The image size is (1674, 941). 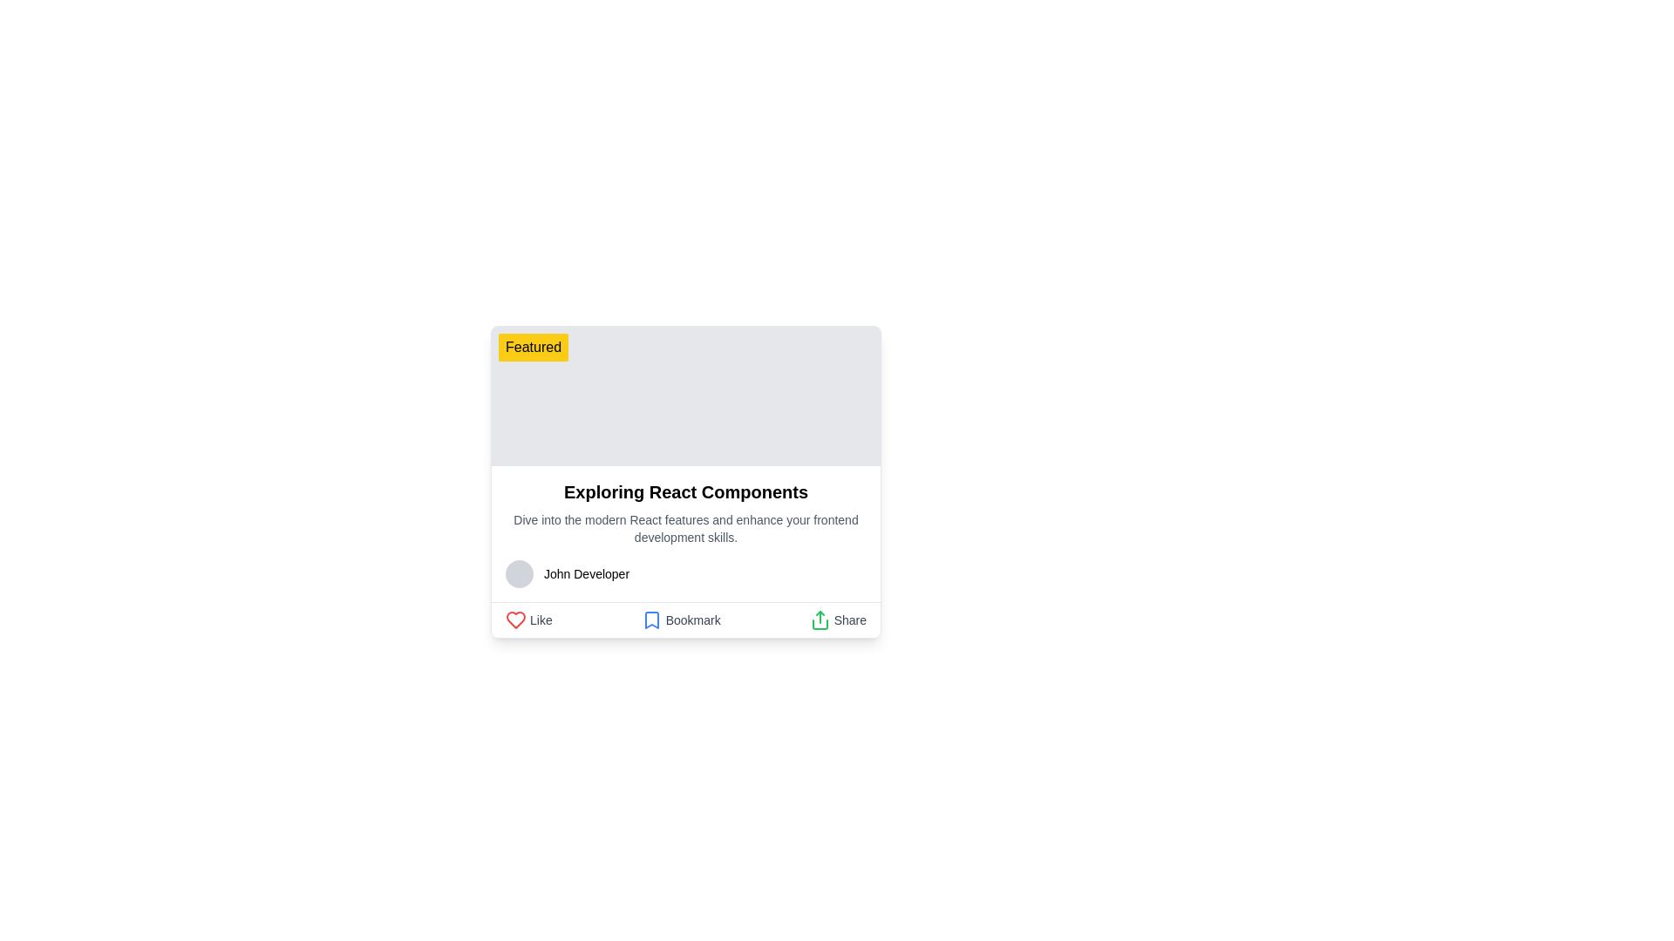 I want to click on the Text Label displaying the name 'John Developer', which identifies the content's author and is located near interactive elements like 'Like', 'Bookmark', and 'Share', so click(x=586, y=574).